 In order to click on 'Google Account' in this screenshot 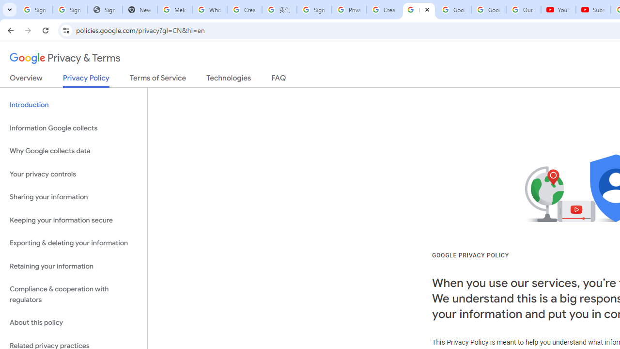, I will do `click(488, 10)`.